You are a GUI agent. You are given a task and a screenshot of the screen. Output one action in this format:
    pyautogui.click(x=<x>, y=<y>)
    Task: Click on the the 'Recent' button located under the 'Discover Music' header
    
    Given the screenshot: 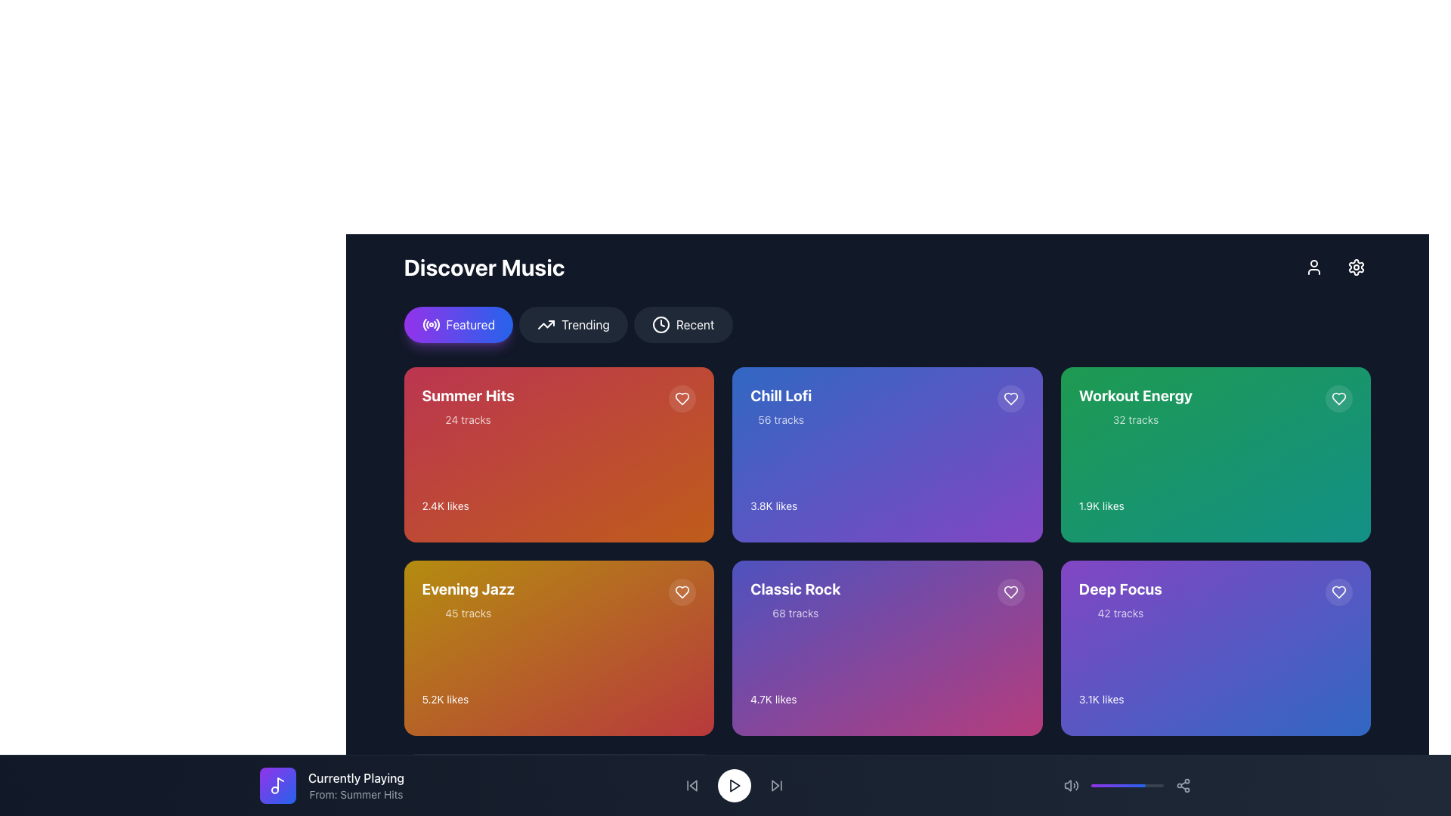 What is the action you would take?
    pyautogui.click(x=682, y=323)
    